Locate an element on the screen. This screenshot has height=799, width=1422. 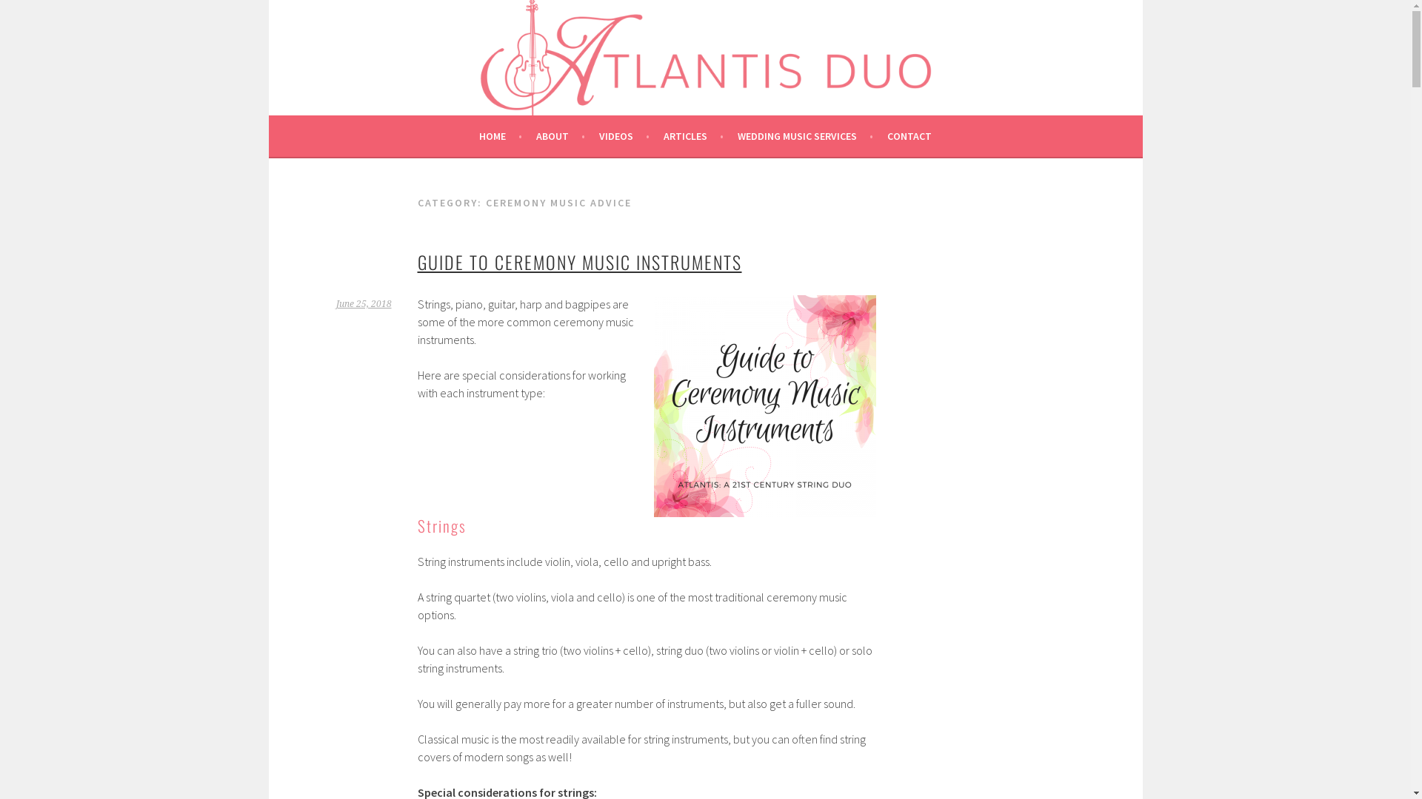
'WEDDING MUSIC SERVICES' is located at coordinates (738, 136).